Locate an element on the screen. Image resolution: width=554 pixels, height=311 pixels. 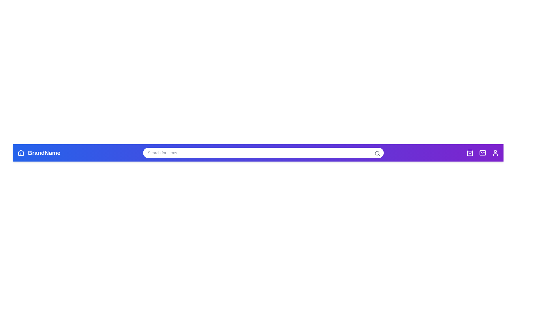
the Messages navigation icon is located at coordinates (482, 153).